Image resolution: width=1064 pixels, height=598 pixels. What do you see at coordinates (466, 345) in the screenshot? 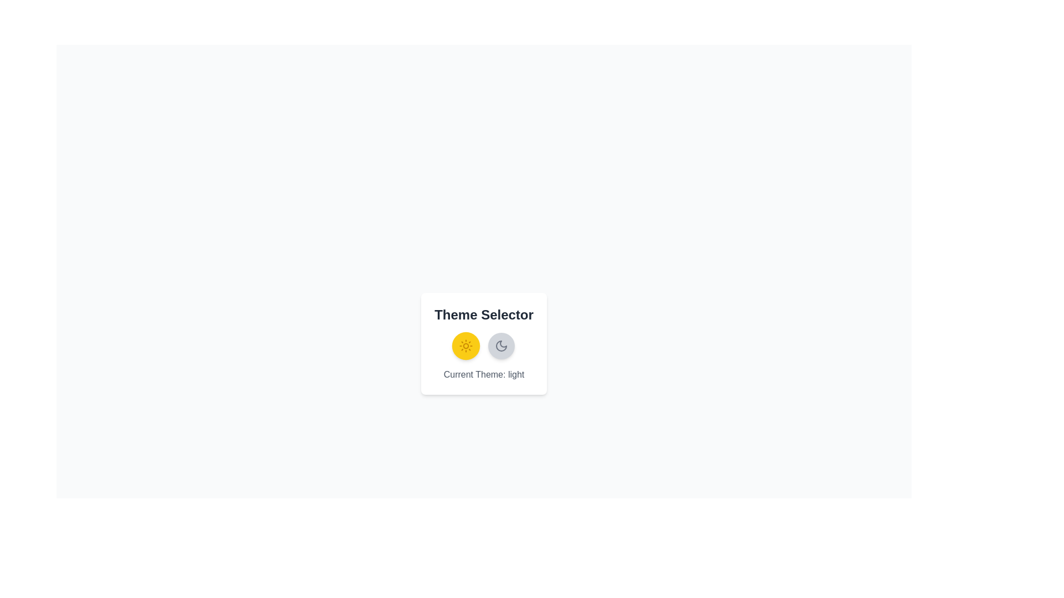
I see `the button to toggle the theme to light` at bounding box center [466, 345].